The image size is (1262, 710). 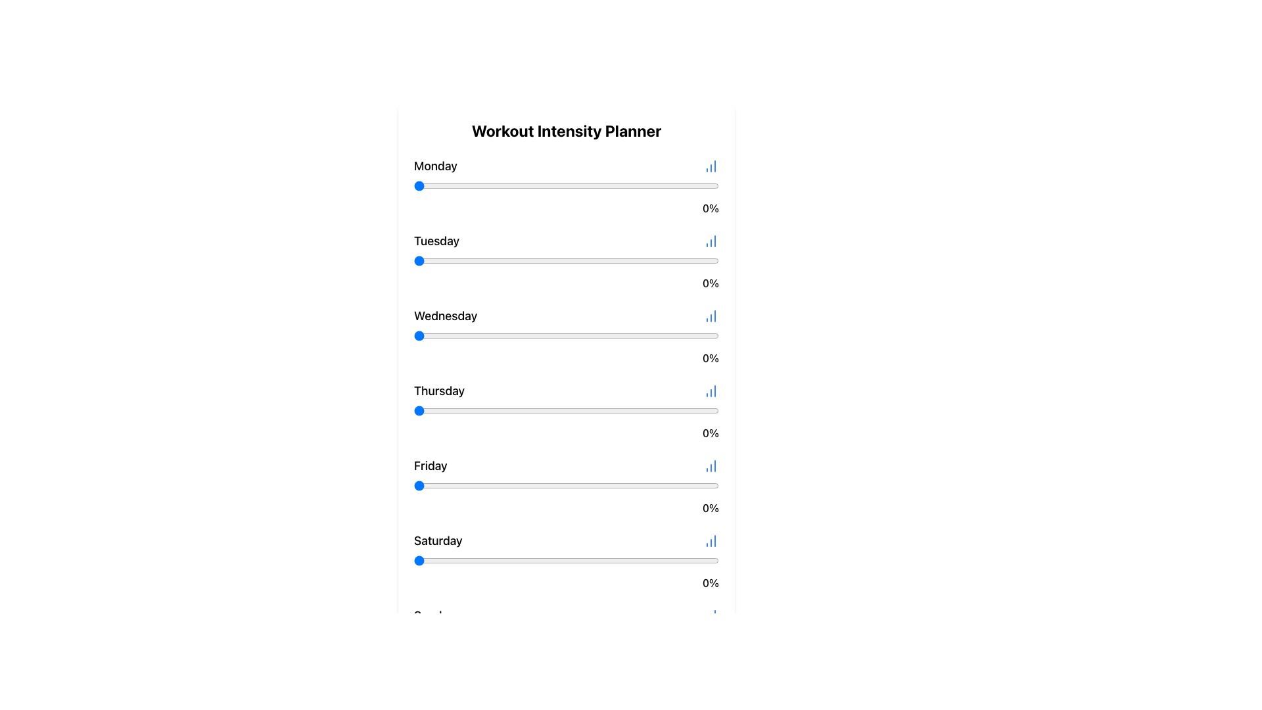 I want to click on the 'Thursday' slider, so click(x=575, y=410).